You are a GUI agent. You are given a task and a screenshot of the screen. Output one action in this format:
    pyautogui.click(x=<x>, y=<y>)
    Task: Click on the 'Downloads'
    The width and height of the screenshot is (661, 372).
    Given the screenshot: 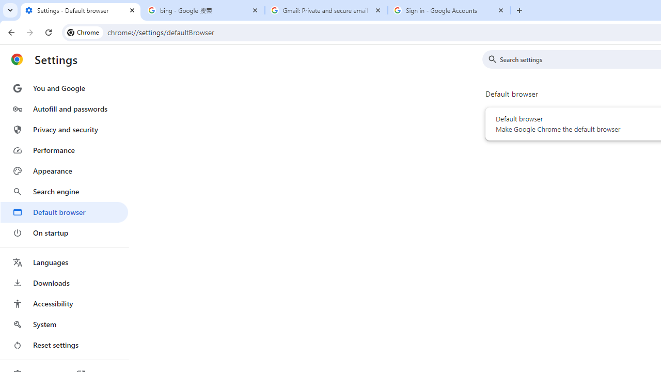 What is the action you would take?
    pyautogui.click(x=64, y=283)
    